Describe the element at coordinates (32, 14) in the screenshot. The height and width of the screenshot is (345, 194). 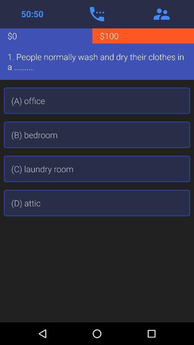
I see `the item above $0 item` at that location.